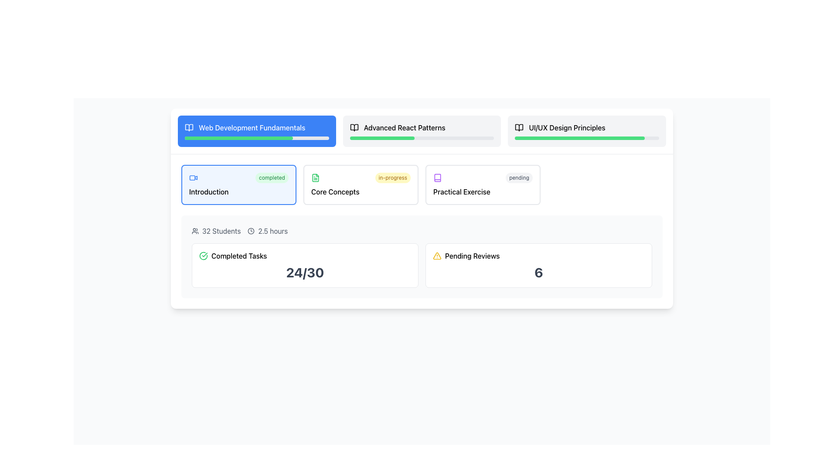 This screenshot has height=471, width=837. Describe the element at coordinates (472, 255) in the screenshot. I see `the 'Pending Reviews' text label, which is styled in medium font weight and positioned next to a yellow warning icon at the bottom right of the interface` at that location.